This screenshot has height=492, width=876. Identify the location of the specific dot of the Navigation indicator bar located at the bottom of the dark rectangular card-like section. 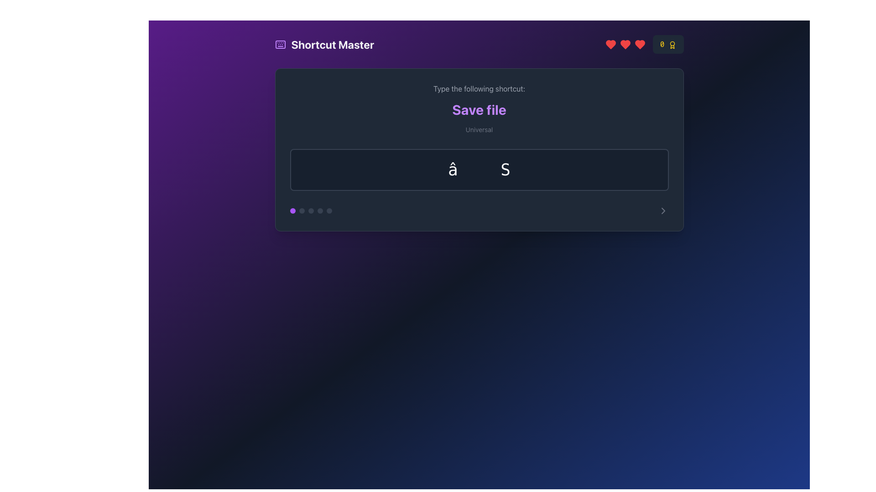
(479, 210).